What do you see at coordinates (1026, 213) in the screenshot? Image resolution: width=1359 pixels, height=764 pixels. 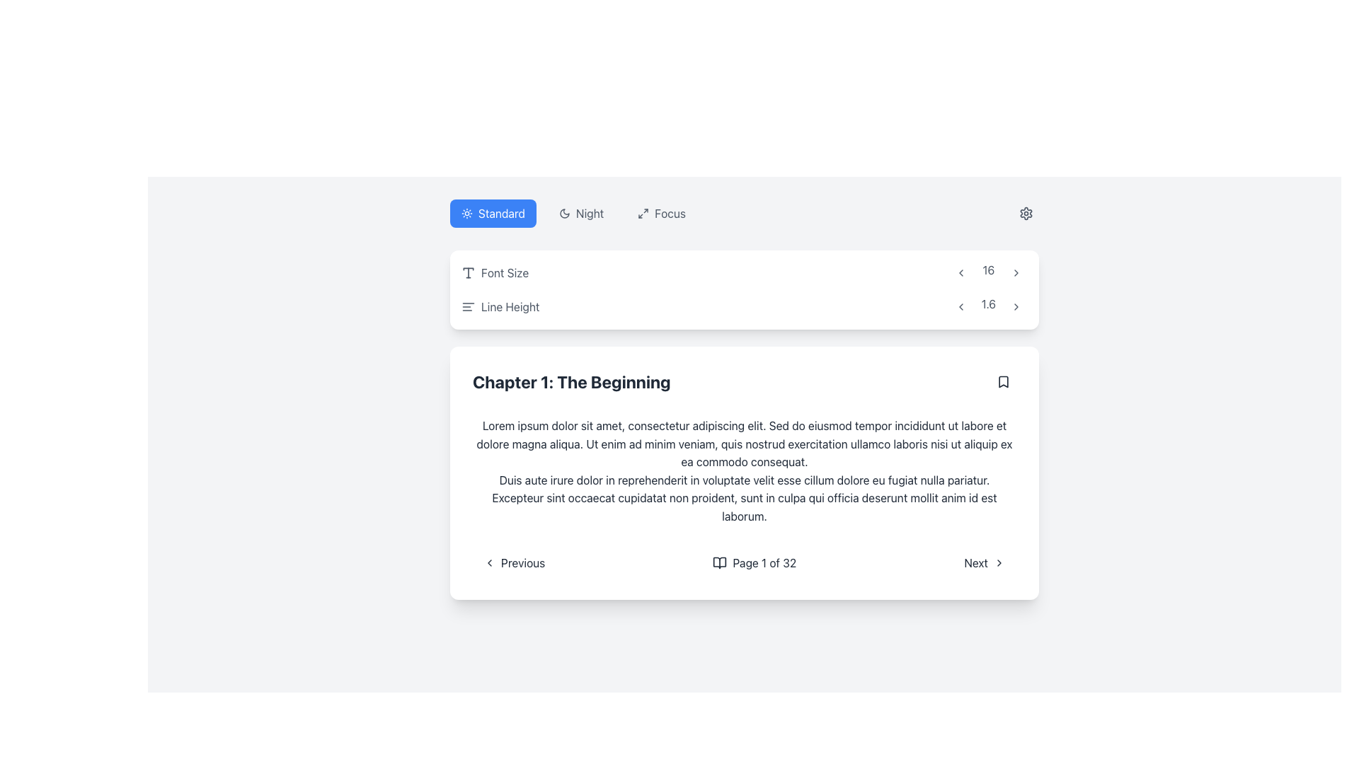 I see `the gear icon located at the top-right corner of the interface` at bounding box center [1026, 213].